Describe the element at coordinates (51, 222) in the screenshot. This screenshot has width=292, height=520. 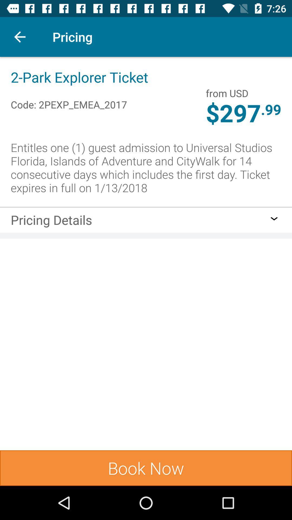
I see `pricing details on the left` at that location.